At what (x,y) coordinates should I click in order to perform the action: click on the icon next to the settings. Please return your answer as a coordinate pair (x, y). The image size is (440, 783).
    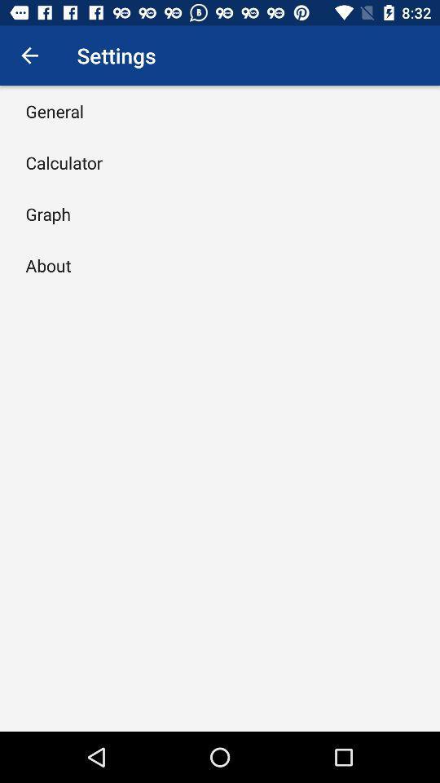
    Looking at the image, I should click on (29, 55).